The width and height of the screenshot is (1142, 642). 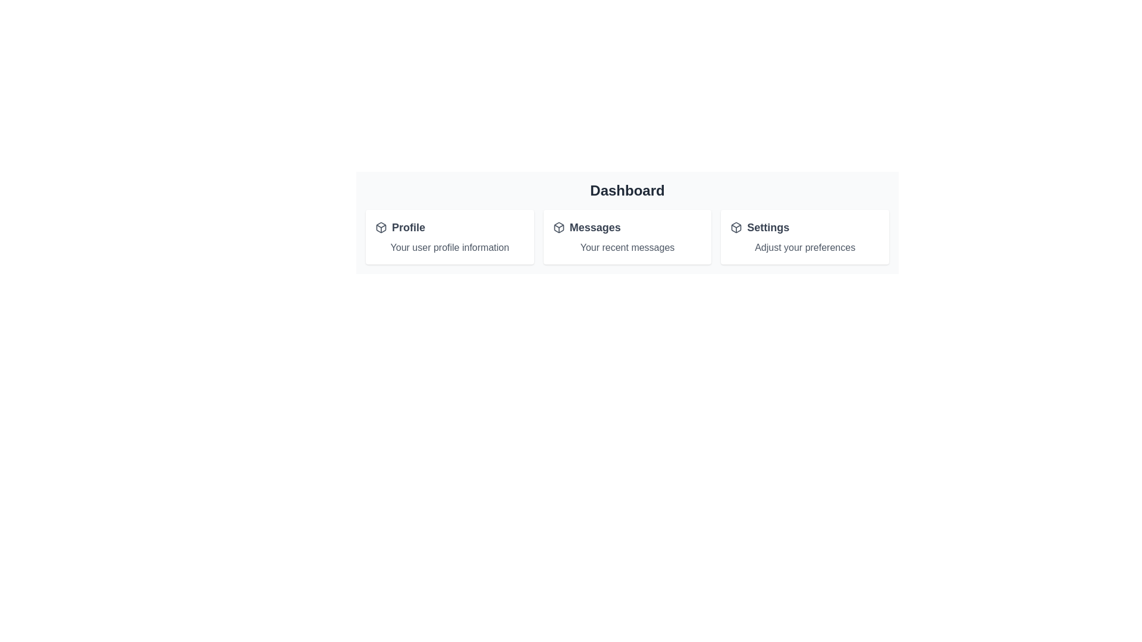 I want to click on the text label reading 'Adjust your preferences' located below the 'Settings' heading in the third card of the structured layout, so click(x=805, y=247).